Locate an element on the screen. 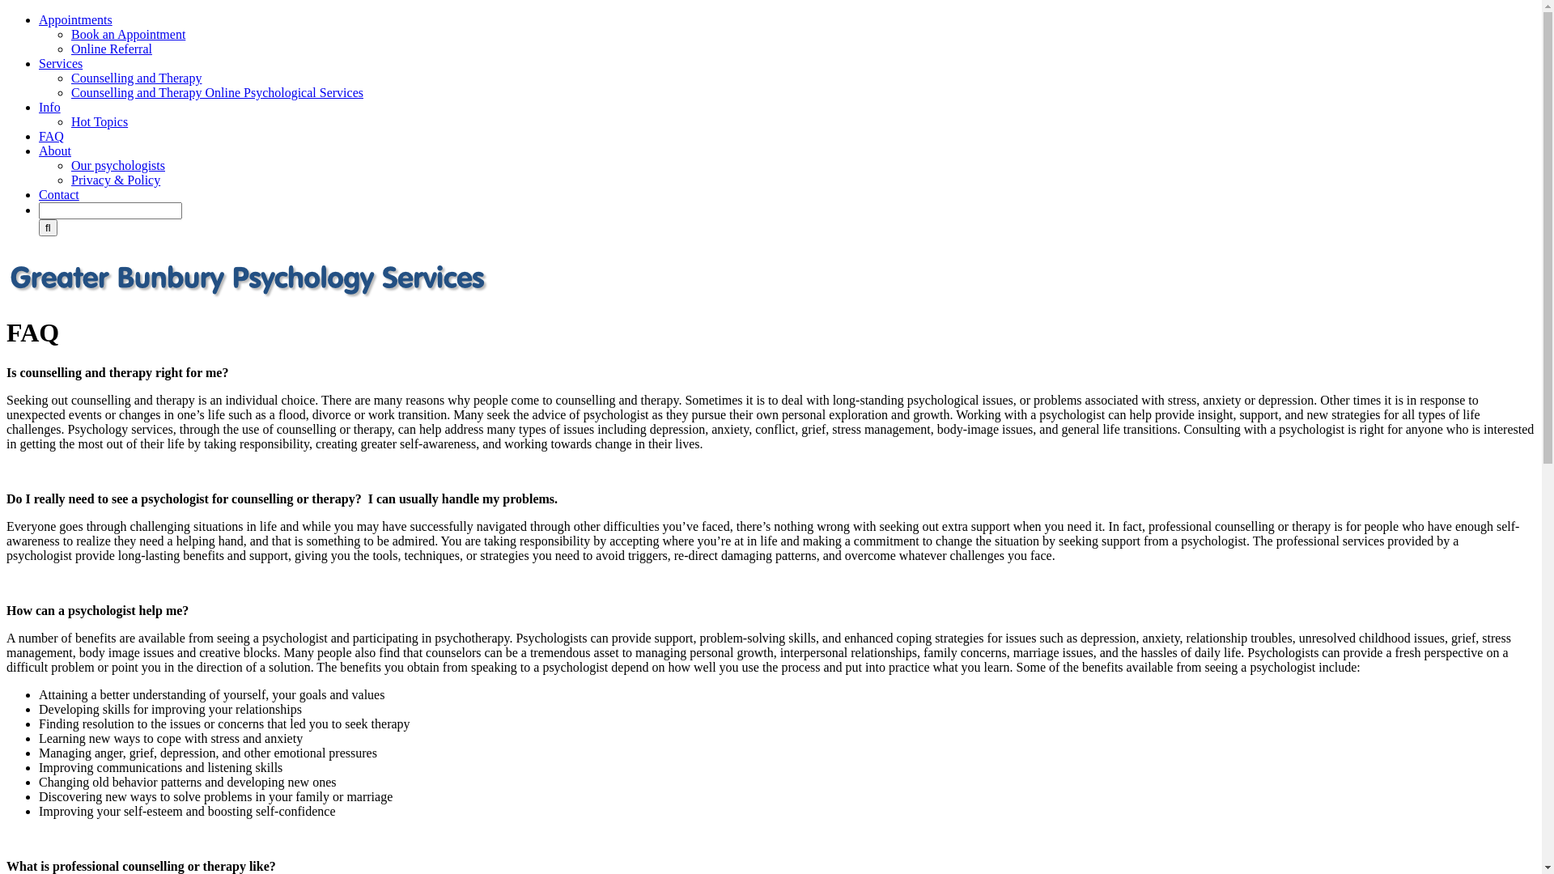  'Privacy & Policy' is located at coordinates (115, 180).